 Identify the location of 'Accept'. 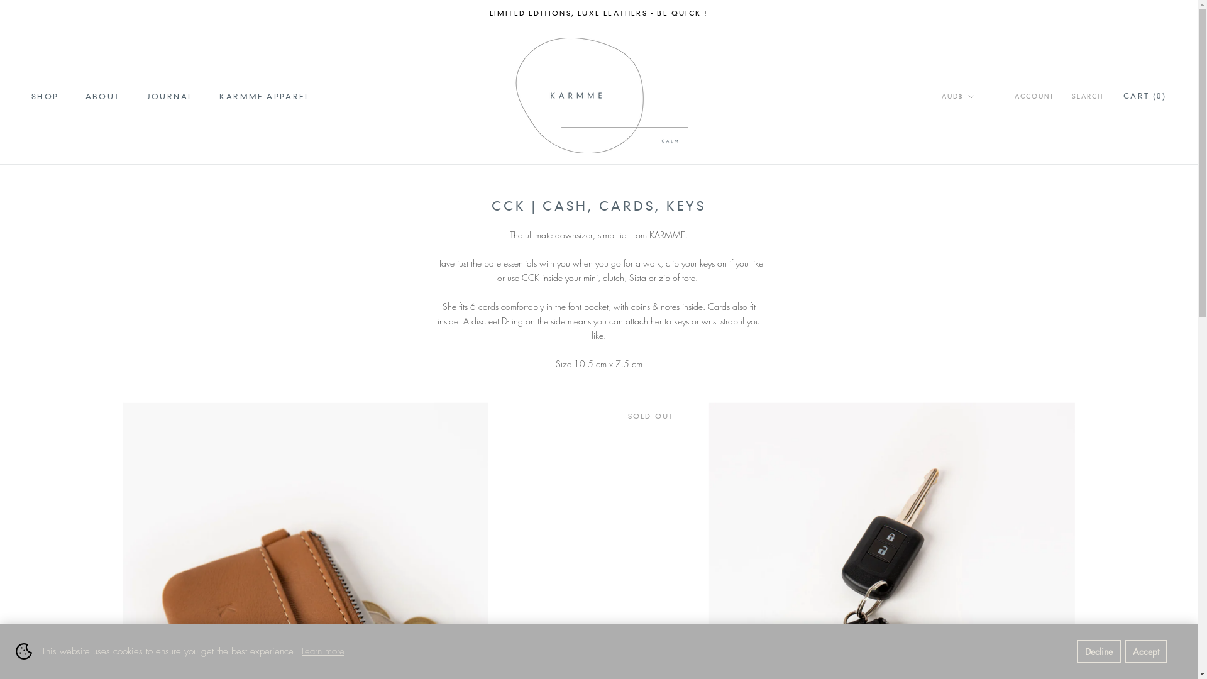
(1146, 651).